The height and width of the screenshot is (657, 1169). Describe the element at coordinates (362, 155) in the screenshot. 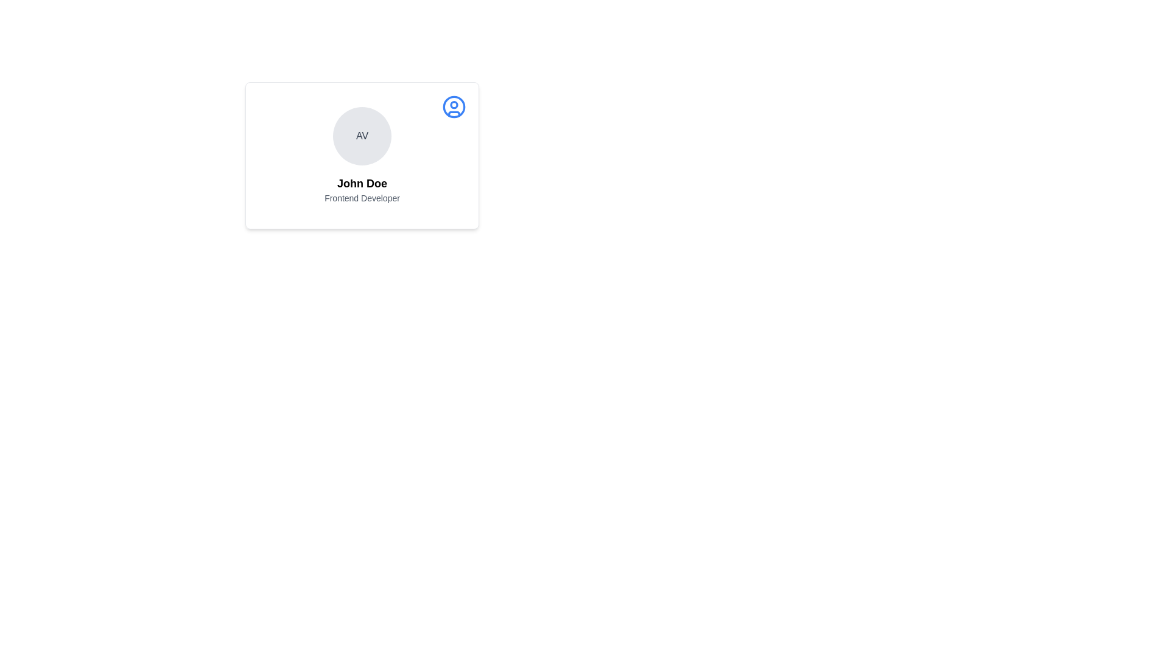

I see `user information displayed in the user profile section, which includes the profile picture, initials 'AV', name 'John Doe', and role 'Frontend Developer'` at that location.